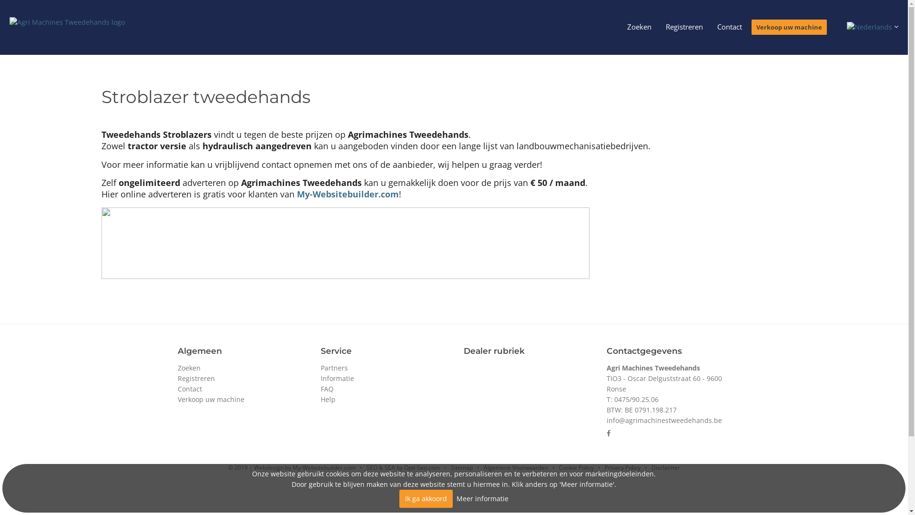 The image size is (915, 515). What do you see at coordinates (177, 378) in the screenshot?
I see `'Registreren'` at bounding box center [177, 378].